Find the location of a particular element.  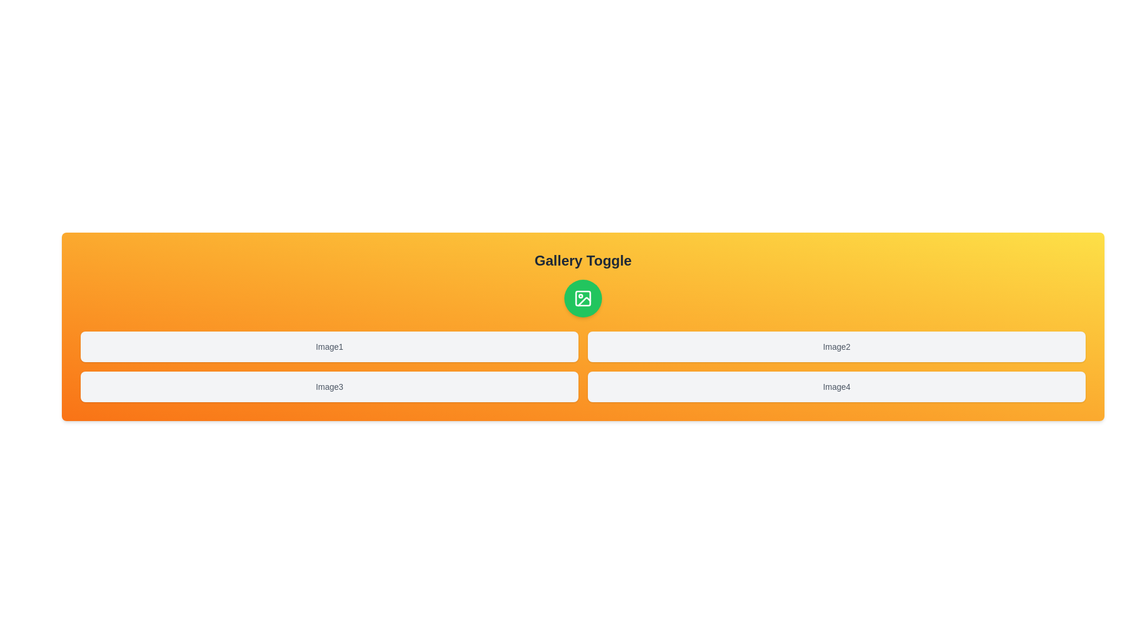

the image box labeled Image3 is located at coordinates (329, 386).